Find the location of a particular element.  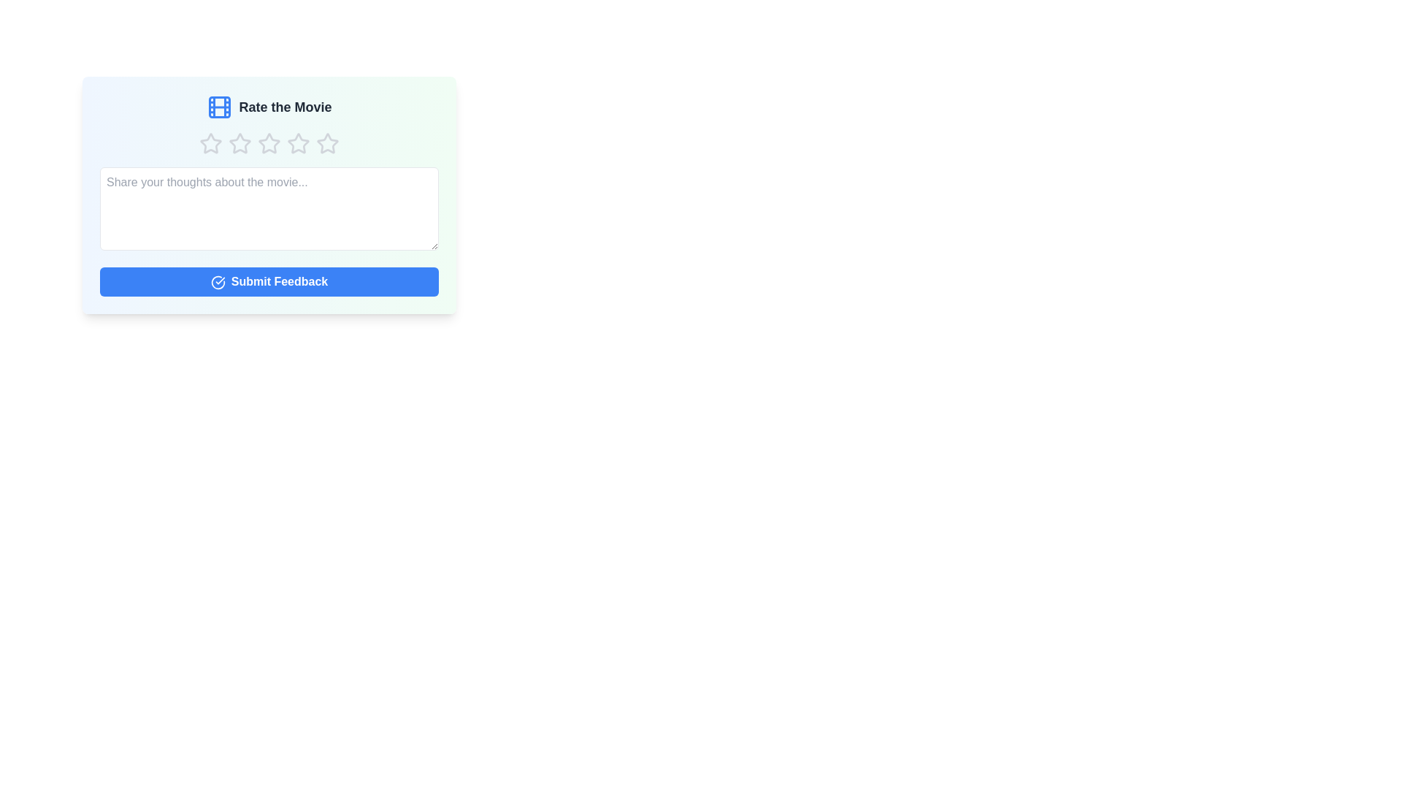

the star corresponding to the rating 2 is located at coordinates (240, 143).